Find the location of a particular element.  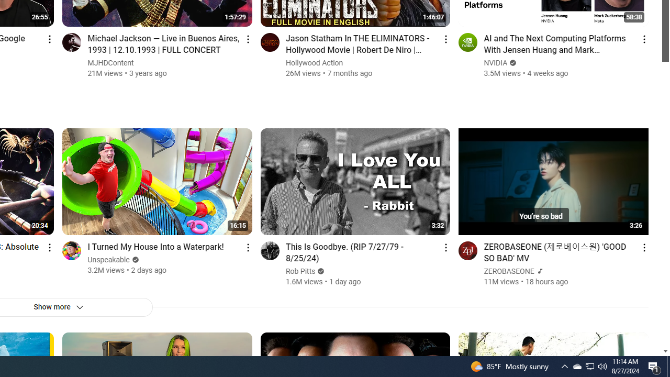

'NVIDIA' is located at coordinates (495, 63).